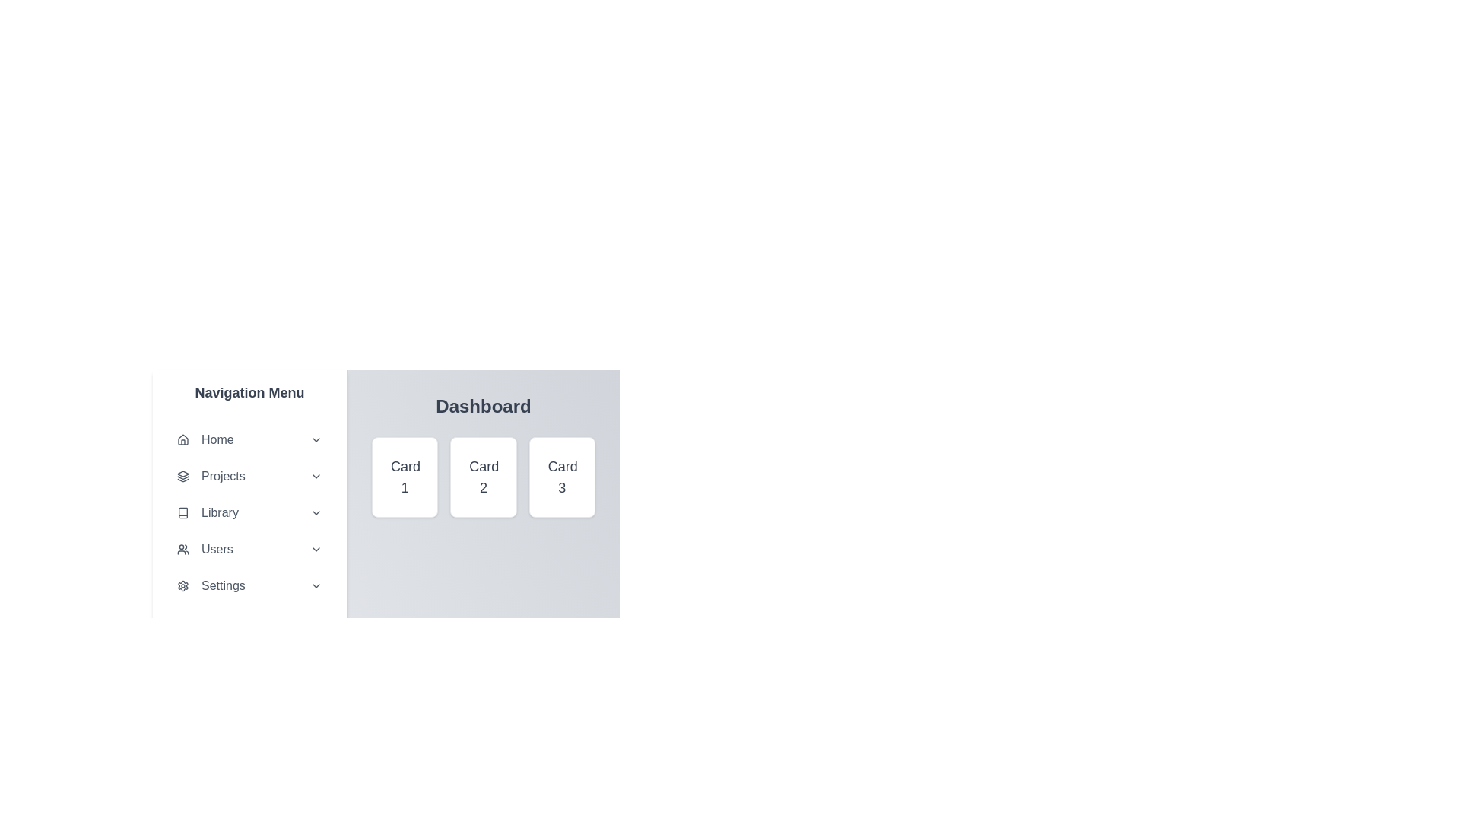 Image resolution: width=1460 pixels, height=821 pixels. What do you see at coordinates (182, 585) in the screenshot?
I see `the settings icon located in the navigation menu on the left side, positioned below the 'Users' menu item` at bounding box center [182, 585].